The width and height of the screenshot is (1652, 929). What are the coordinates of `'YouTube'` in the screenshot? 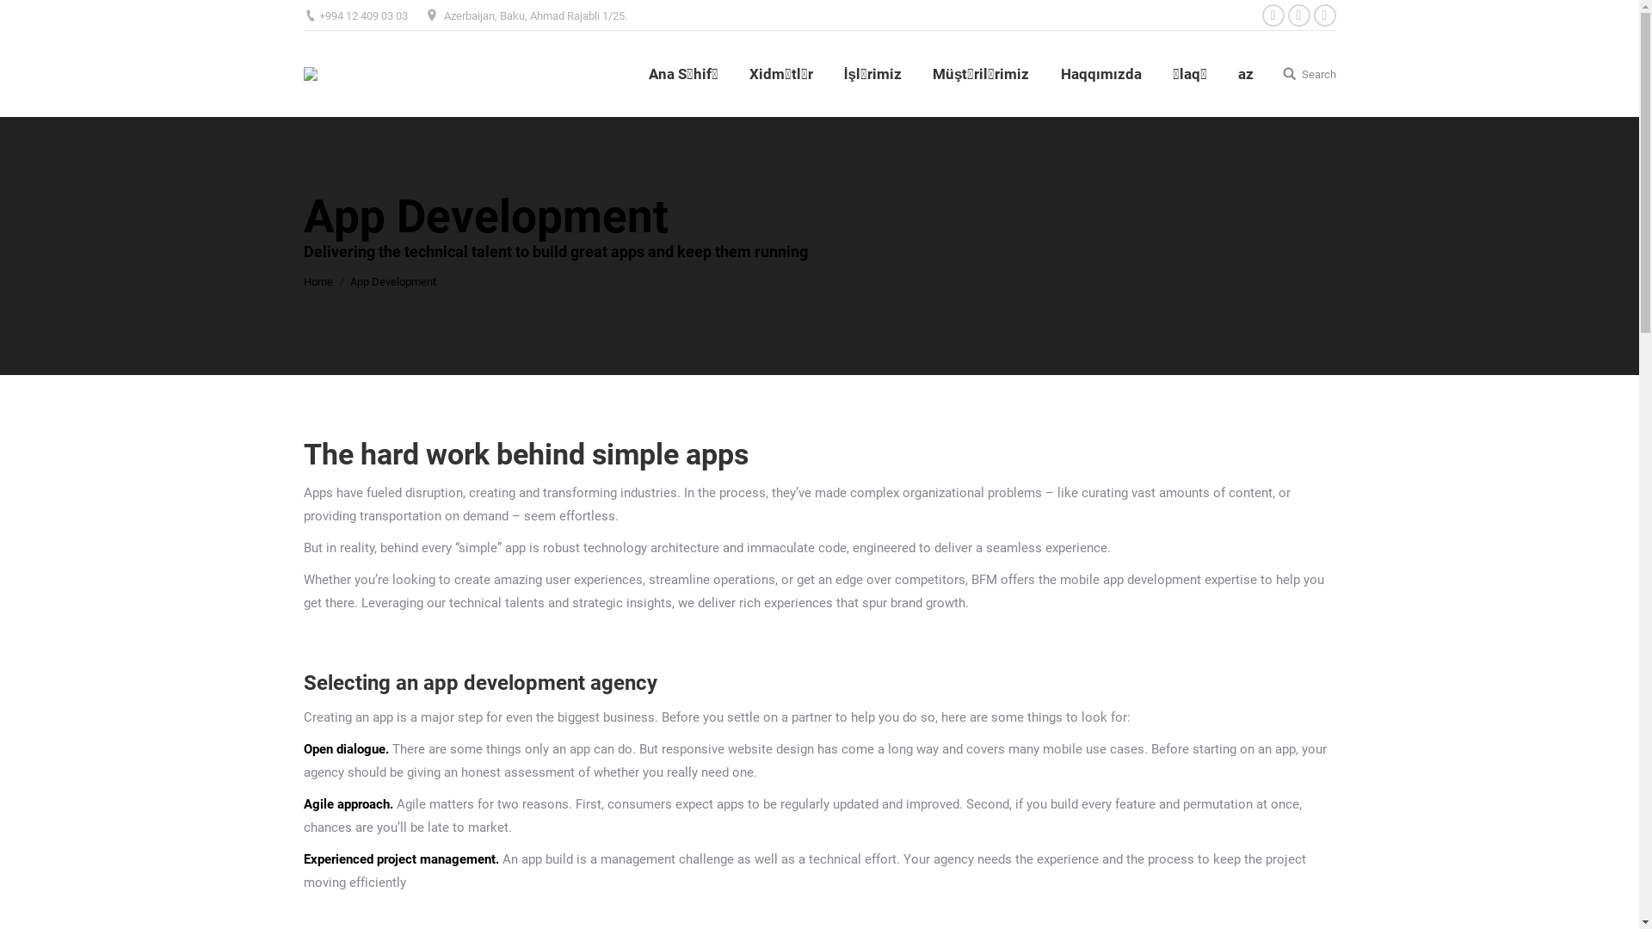 It's located at (1323, 15).